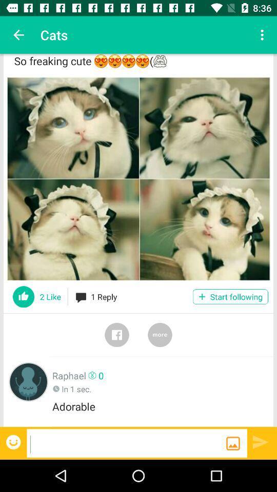 The width and height of the screenshot is (277, 492). Describe the element at coordinates (160, 334) in the screenshot. I see `to more options click to more options` at that location.